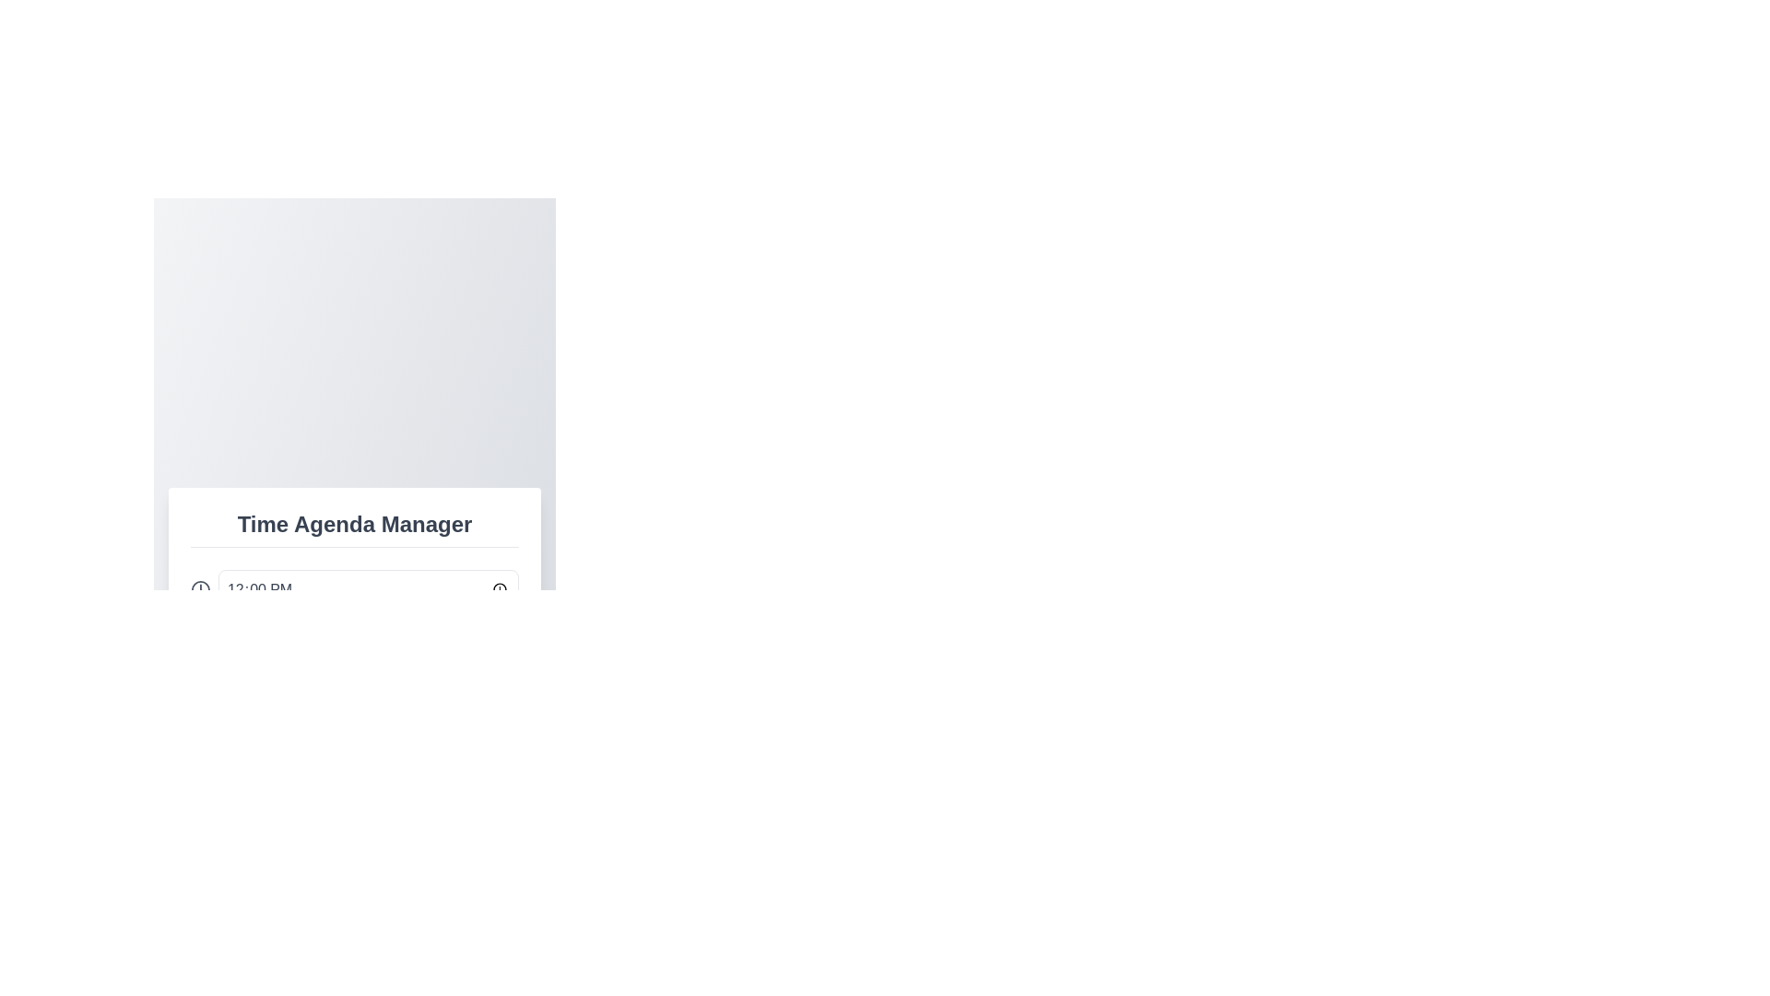 This screenshot has height=996, width=1770. Describe the element at coordinates (200, 589) in the screenshot. I see `the decorative SVG circle element that represents the center of the clock icon, which is aligned to the far right of the time value display ('12:00 PM') under the 'Time Agenda Manager' title` at that location.